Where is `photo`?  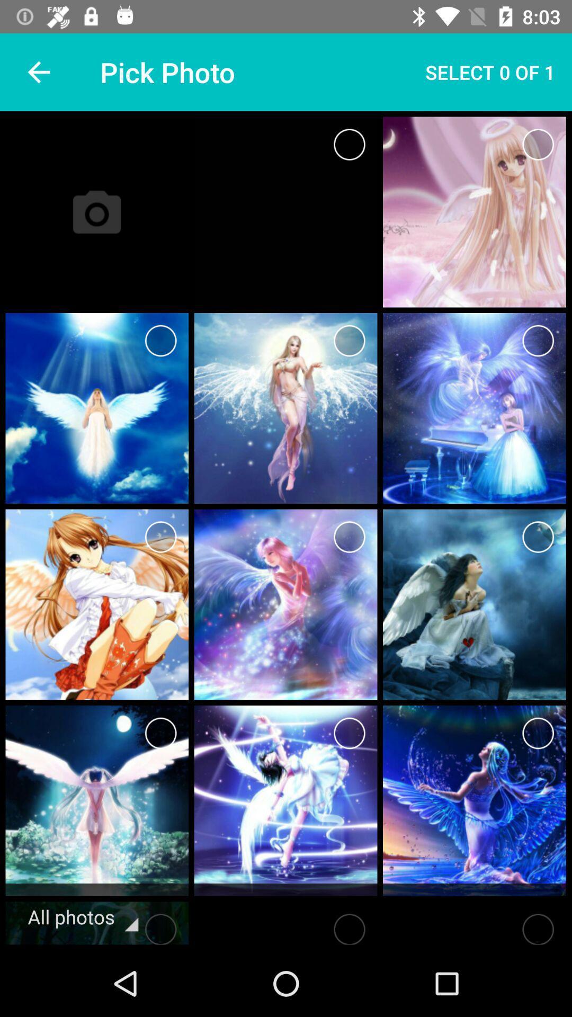
photo is located at coordinates (160, 537).